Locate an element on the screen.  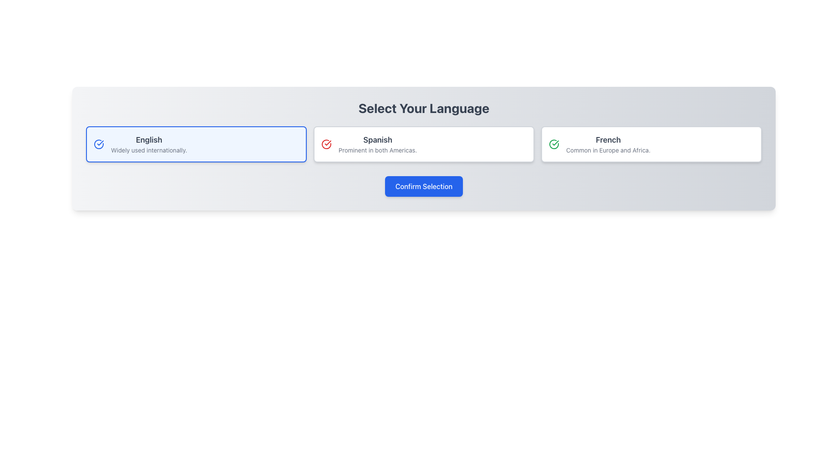
the selection confirmation icon located within the rectangular card labeled 'English Widely used internationally' is located at coordinates (99, 143).